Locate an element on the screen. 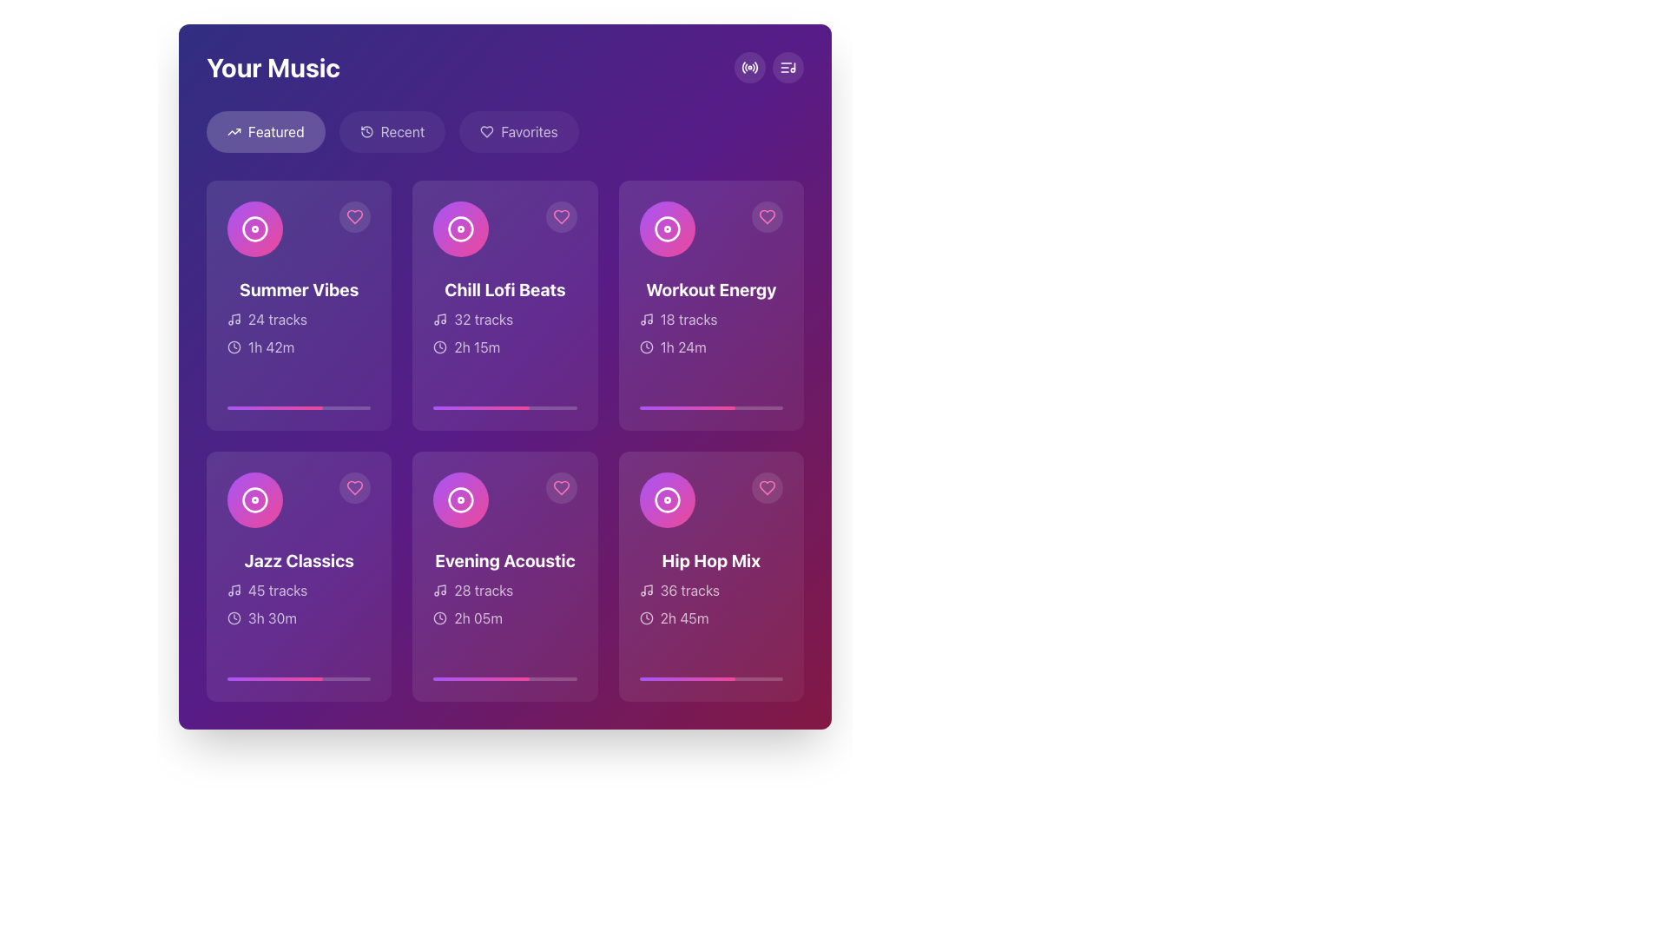  the 'Featured' button with a rounded border and upward trending arrow icon is located at coordinates (265, 130).